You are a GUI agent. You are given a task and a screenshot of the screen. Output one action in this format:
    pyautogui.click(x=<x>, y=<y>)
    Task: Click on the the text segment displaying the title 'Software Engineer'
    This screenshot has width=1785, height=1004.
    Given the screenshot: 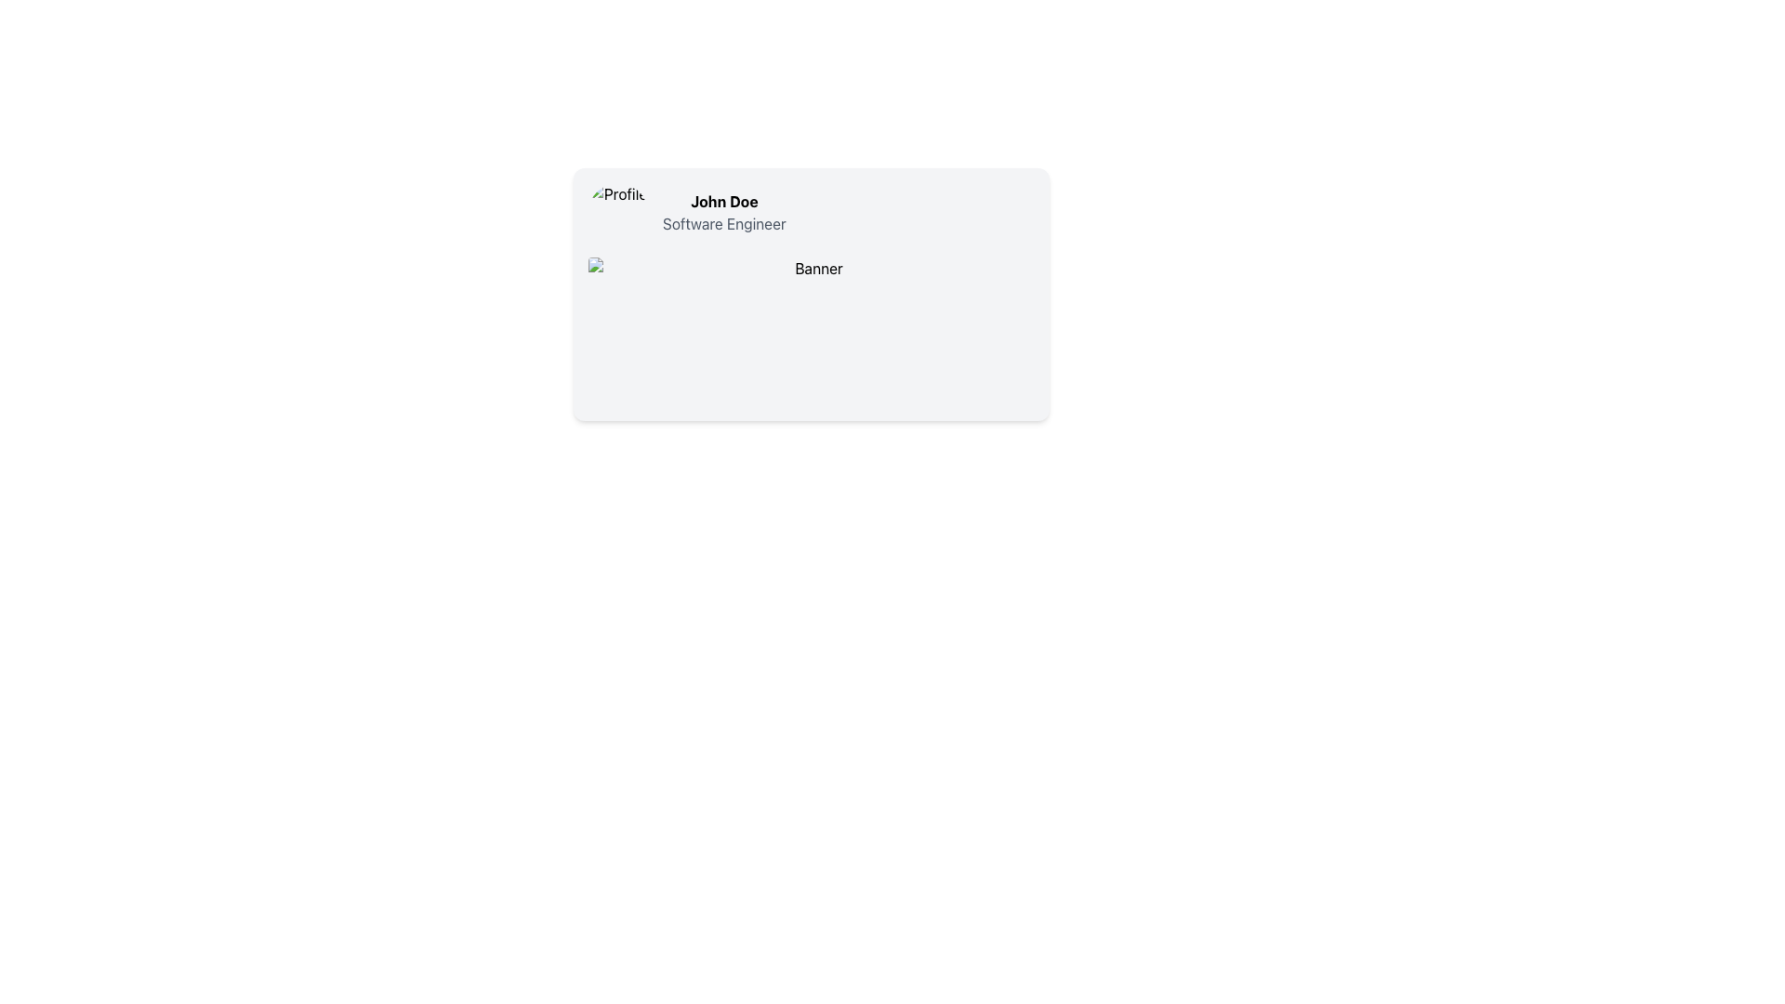 What is the action you would take?
    pyautogui.click(x=723, y=222)
    